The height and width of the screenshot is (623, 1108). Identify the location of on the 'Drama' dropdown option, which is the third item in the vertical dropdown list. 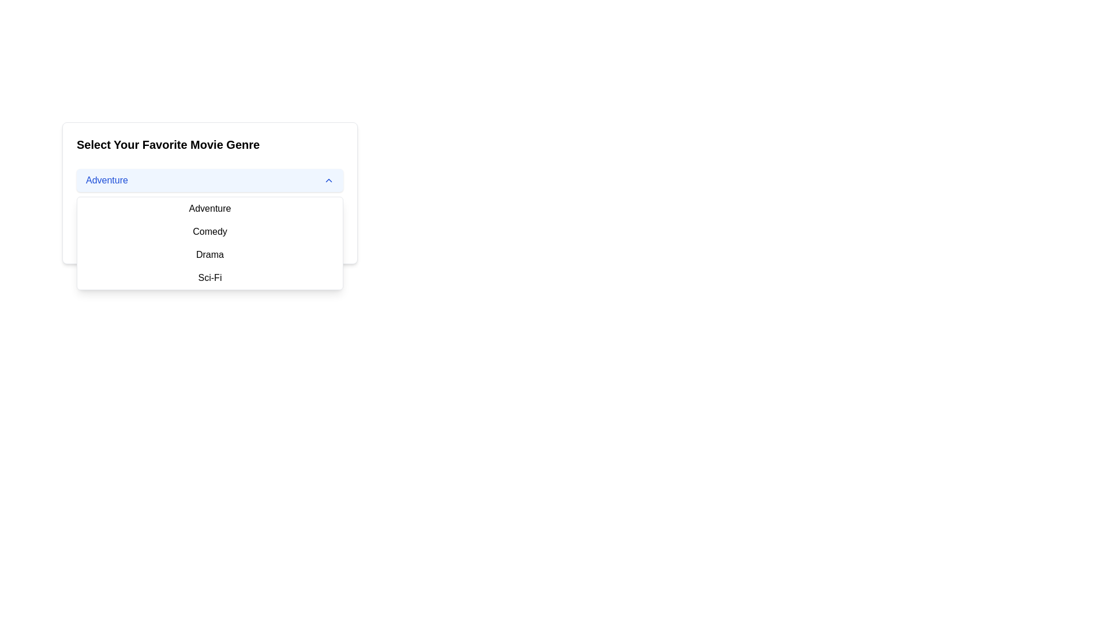
(210, 254).